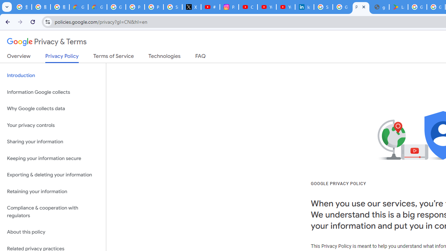 The height and width of the screenshot is (251, 446). I want to click on 'YouTube Culture & Trends - YouTube Top 10, 2021', so click(285, 7).